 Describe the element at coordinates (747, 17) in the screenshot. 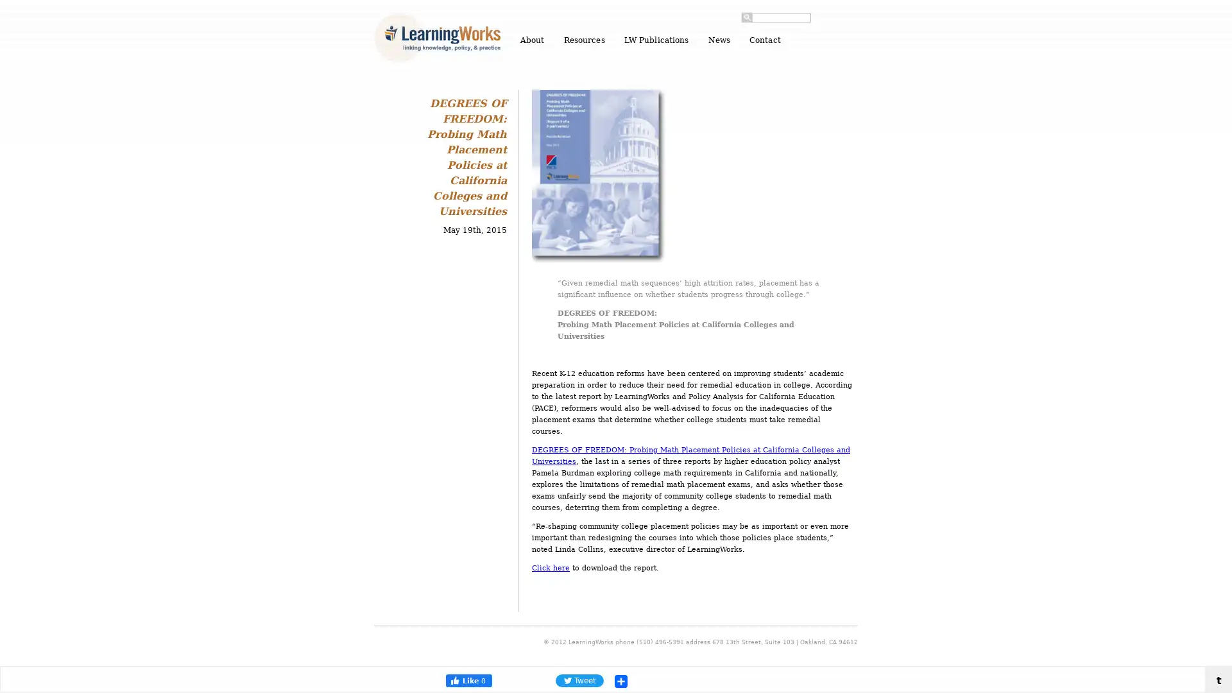

I see `Submit` at that location.